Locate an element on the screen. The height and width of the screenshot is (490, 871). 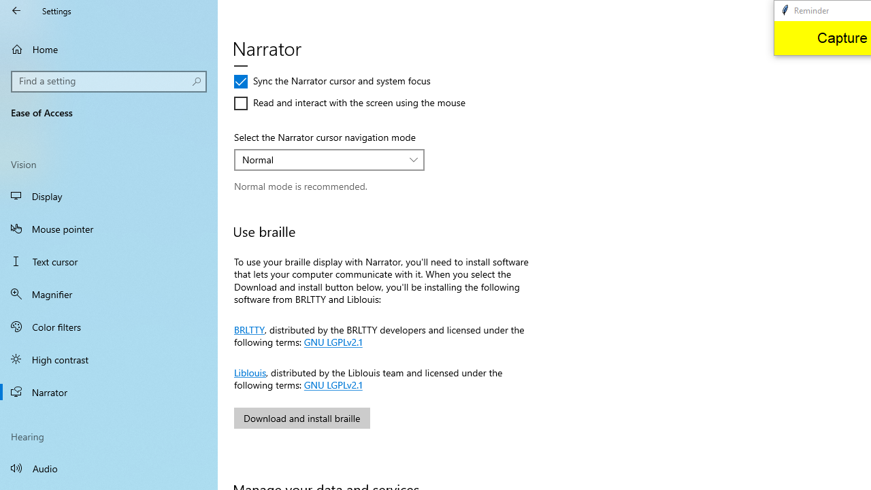
'Home' is located at coordinates (109, 48).